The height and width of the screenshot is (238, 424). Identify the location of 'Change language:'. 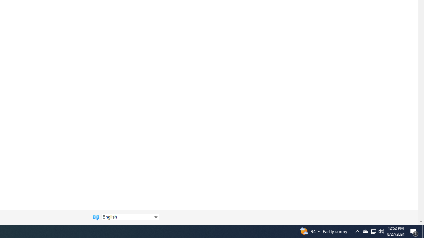
(130, 217).